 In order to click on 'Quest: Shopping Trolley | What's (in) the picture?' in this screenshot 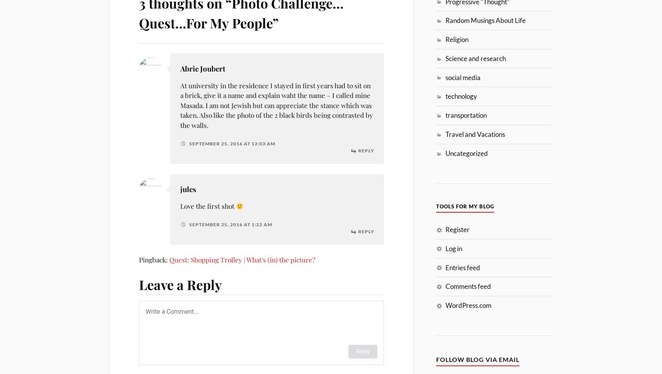, I will do `click(169, 259)`.